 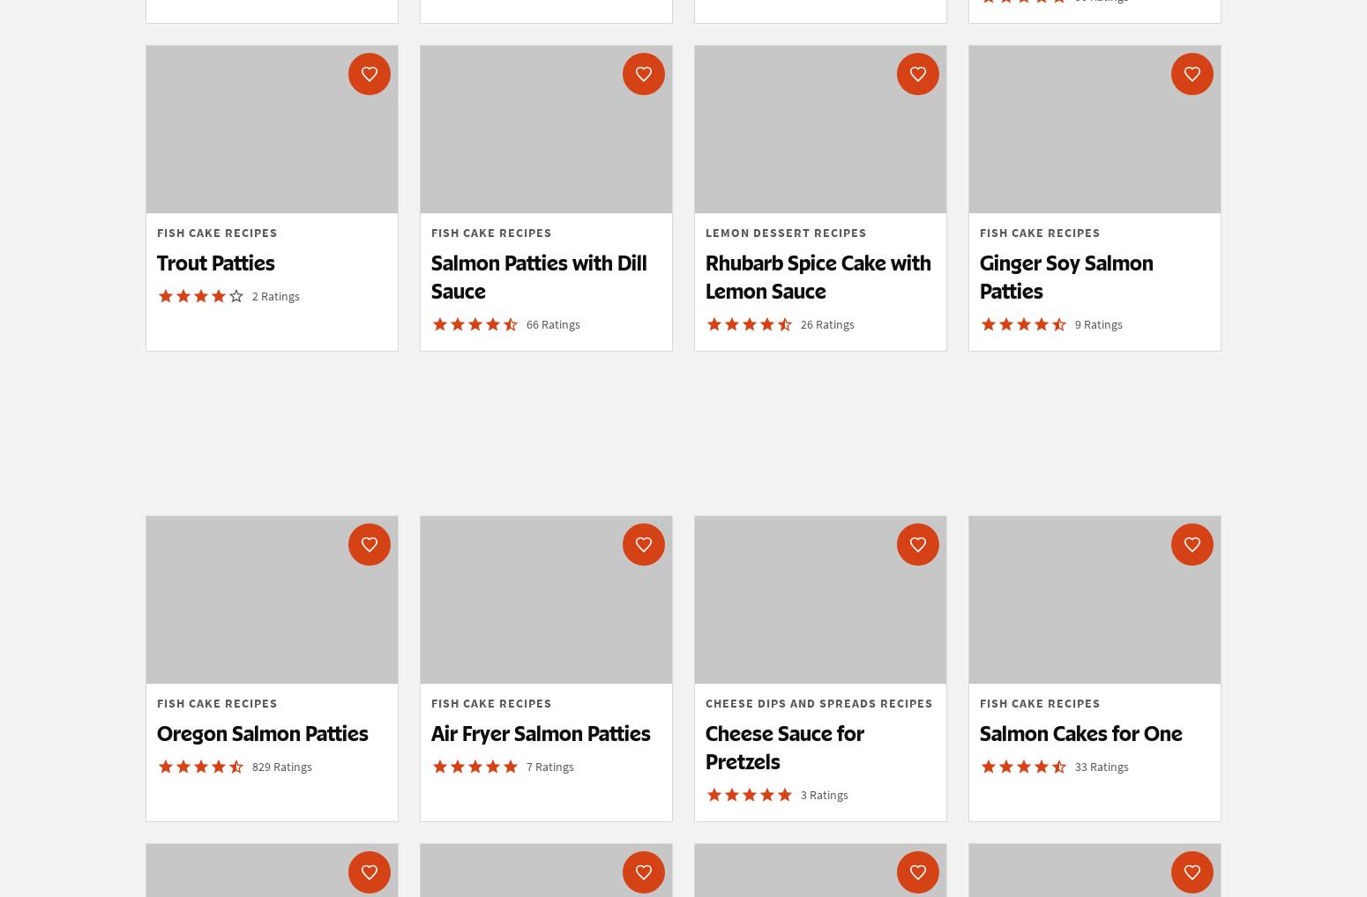 What do you see at coordinates (216, 261) in the screenshot?
I see `'Trout Patties'` at bounding box center [216, 261].